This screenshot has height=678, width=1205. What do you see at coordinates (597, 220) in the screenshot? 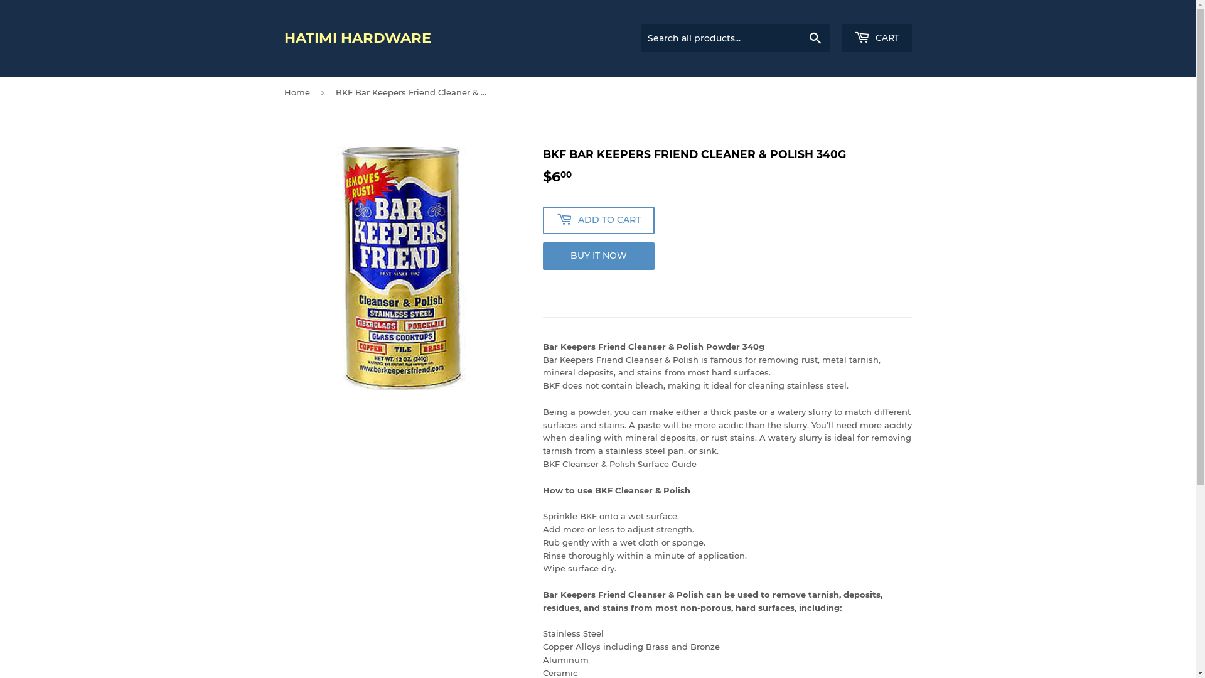
I see `'ADD TO CART'` at bounding box center [597, 220].